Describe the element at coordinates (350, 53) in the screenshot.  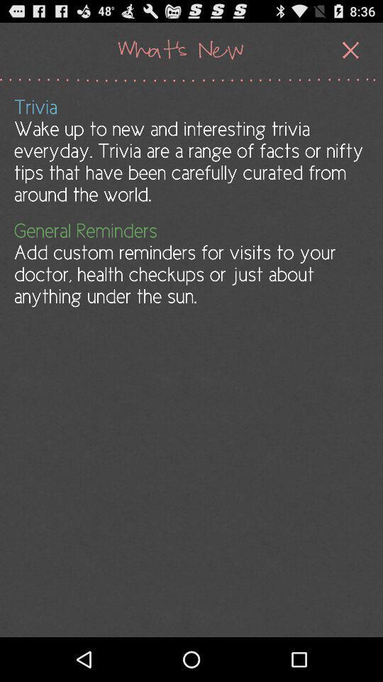
I see `the close icon` at that location.